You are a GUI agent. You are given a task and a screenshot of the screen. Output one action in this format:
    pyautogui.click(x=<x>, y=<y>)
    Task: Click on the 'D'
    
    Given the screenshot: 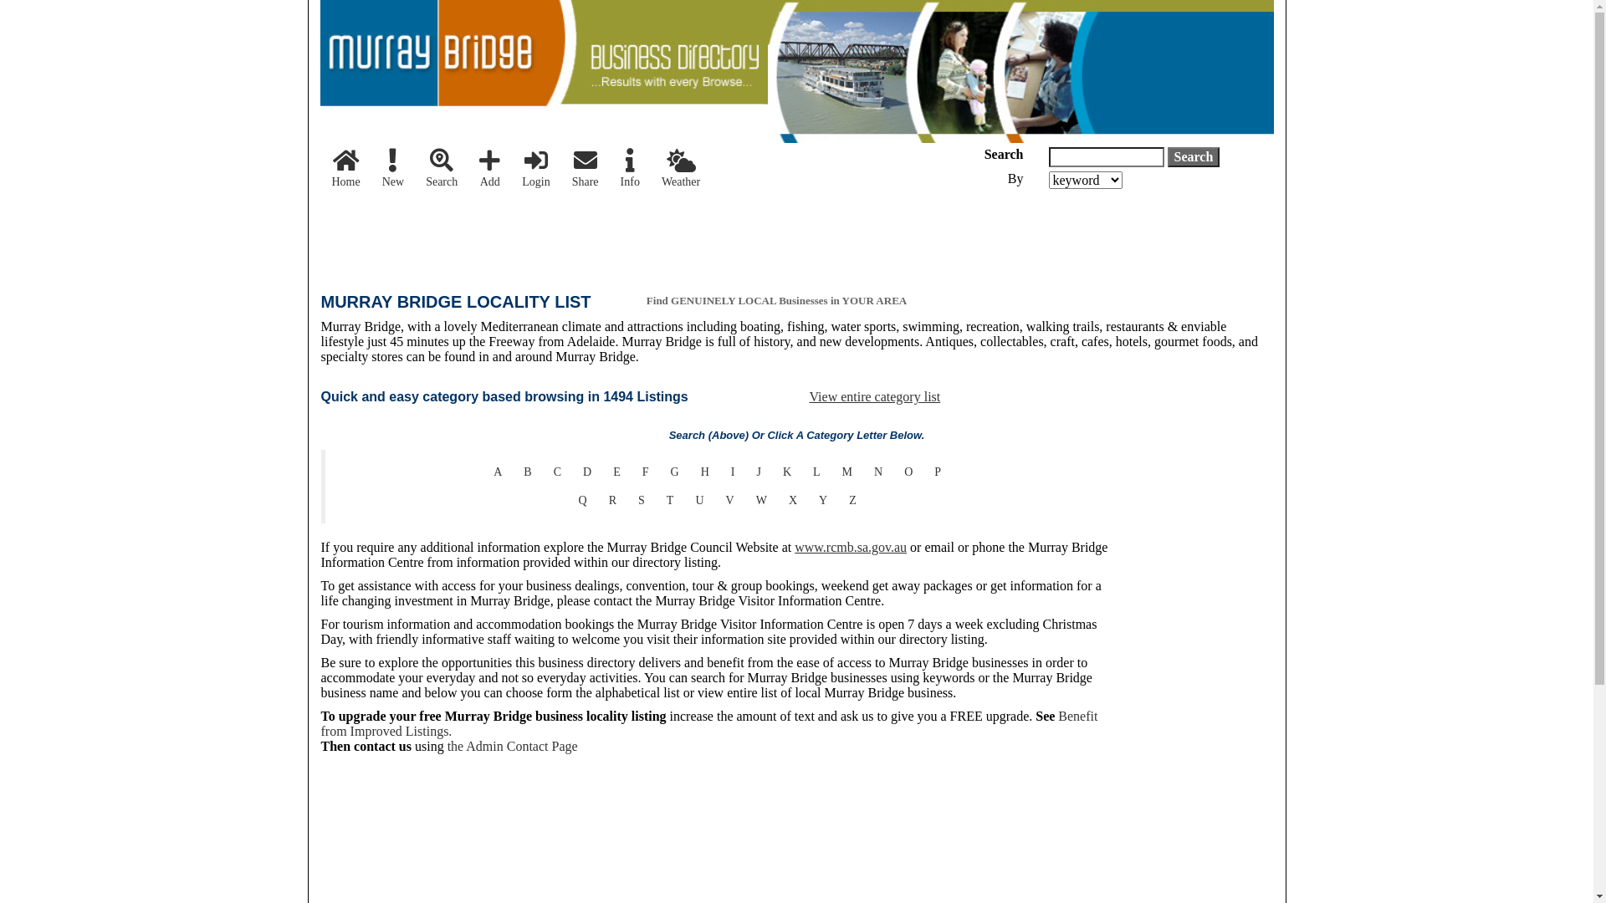 What is the action you would take?
    pyautogui.click(x=572, y=472)
    